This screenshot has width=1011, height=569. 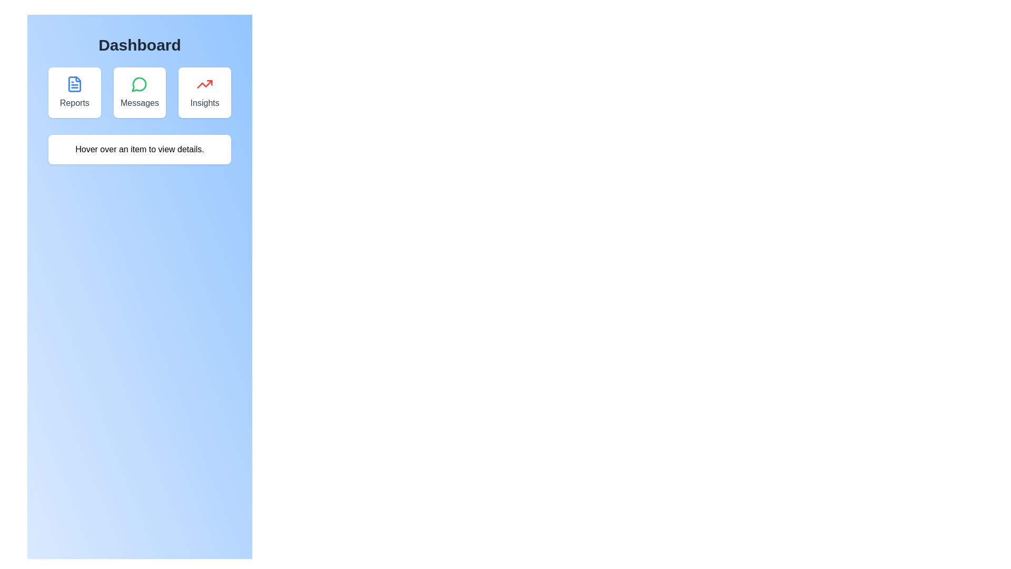 I want to click on the 'Messages' static text label, which is part of the menu items in the dashboard layout and located below the green speech bubble icon, so click(x=139, y=103).